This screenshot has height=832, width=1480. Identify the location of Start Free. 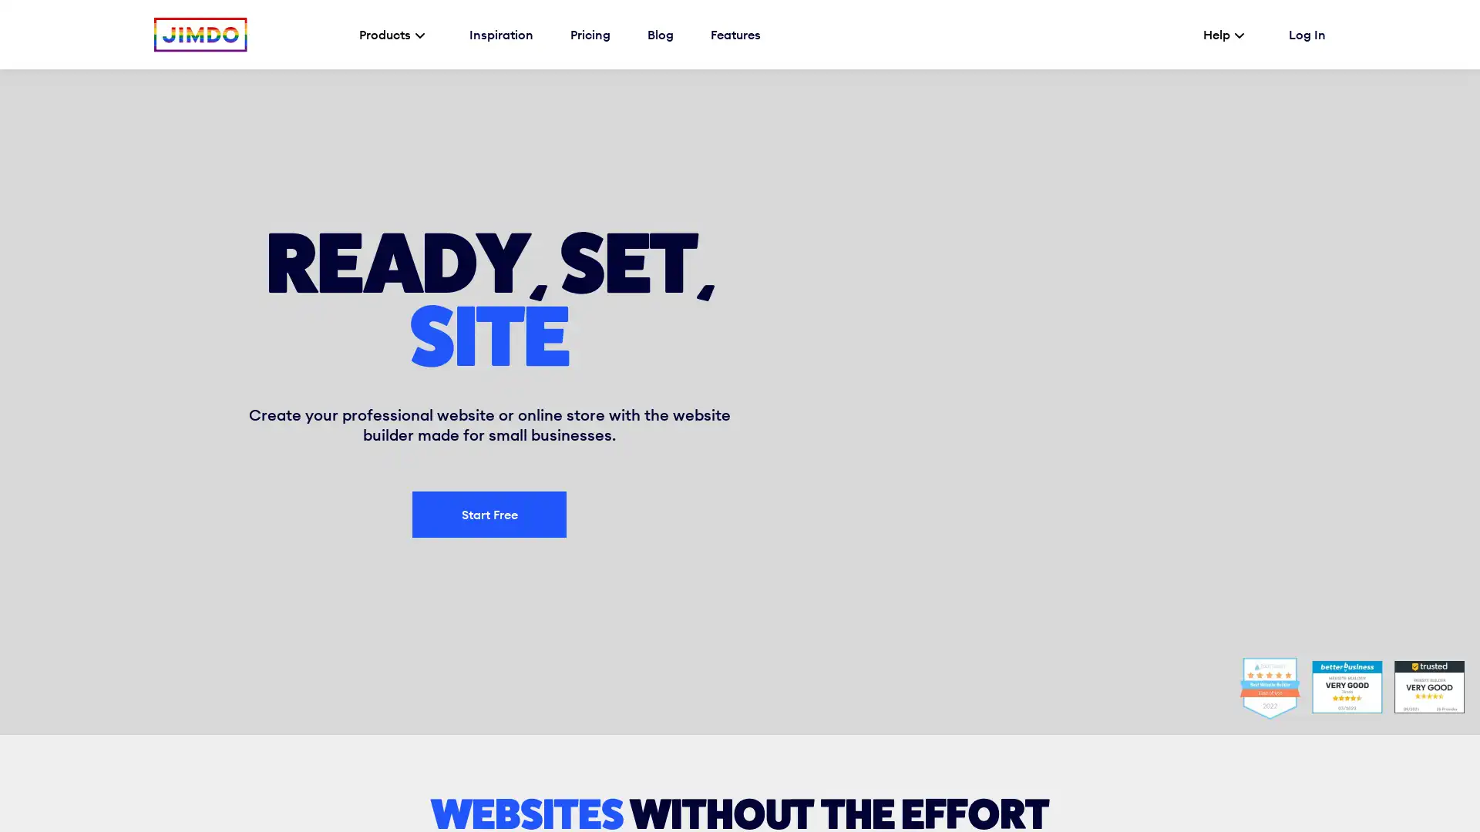
(488, 514).